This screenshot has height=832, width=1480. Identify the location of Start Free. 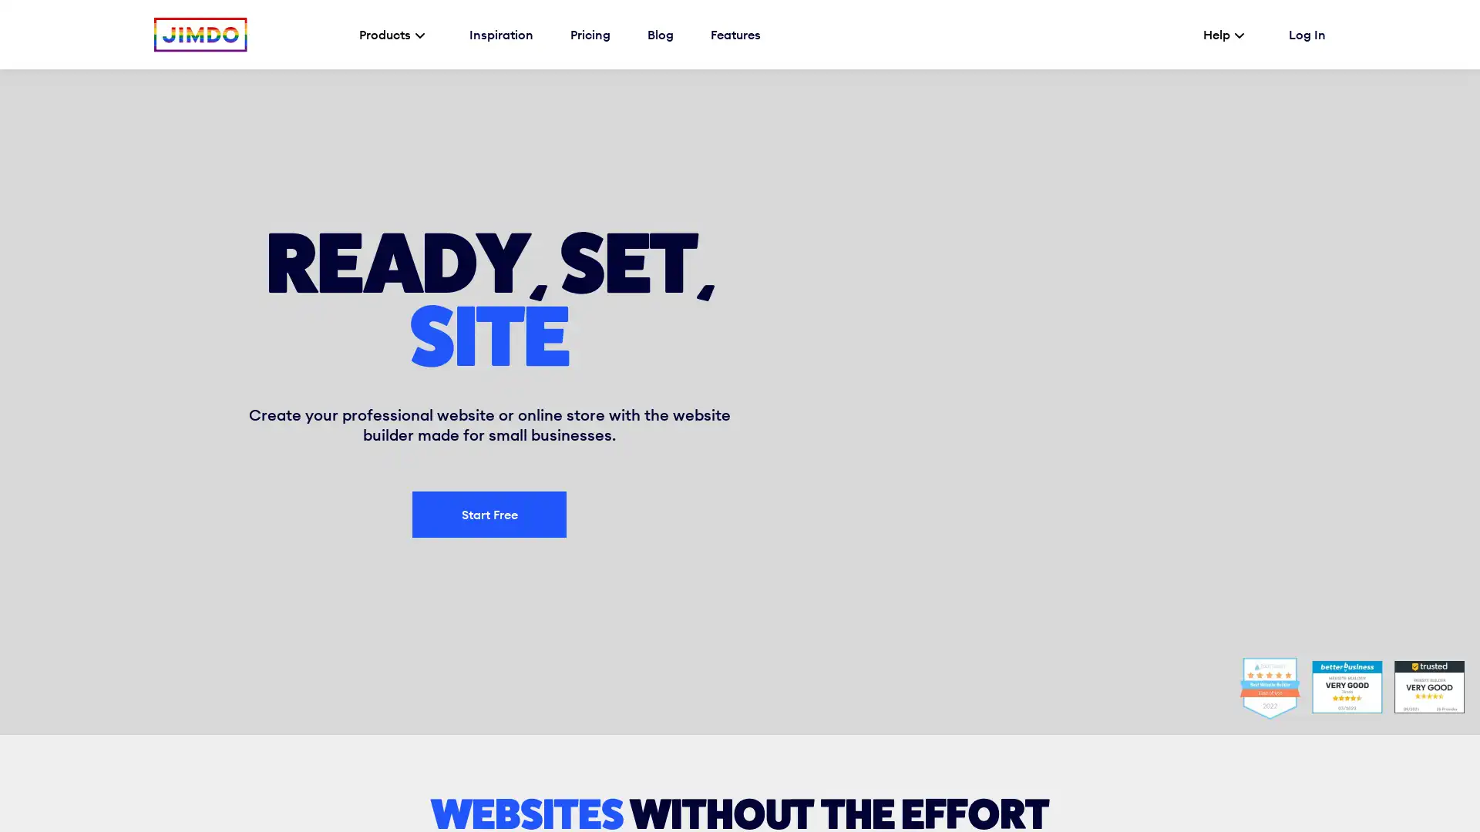
(488, 514).